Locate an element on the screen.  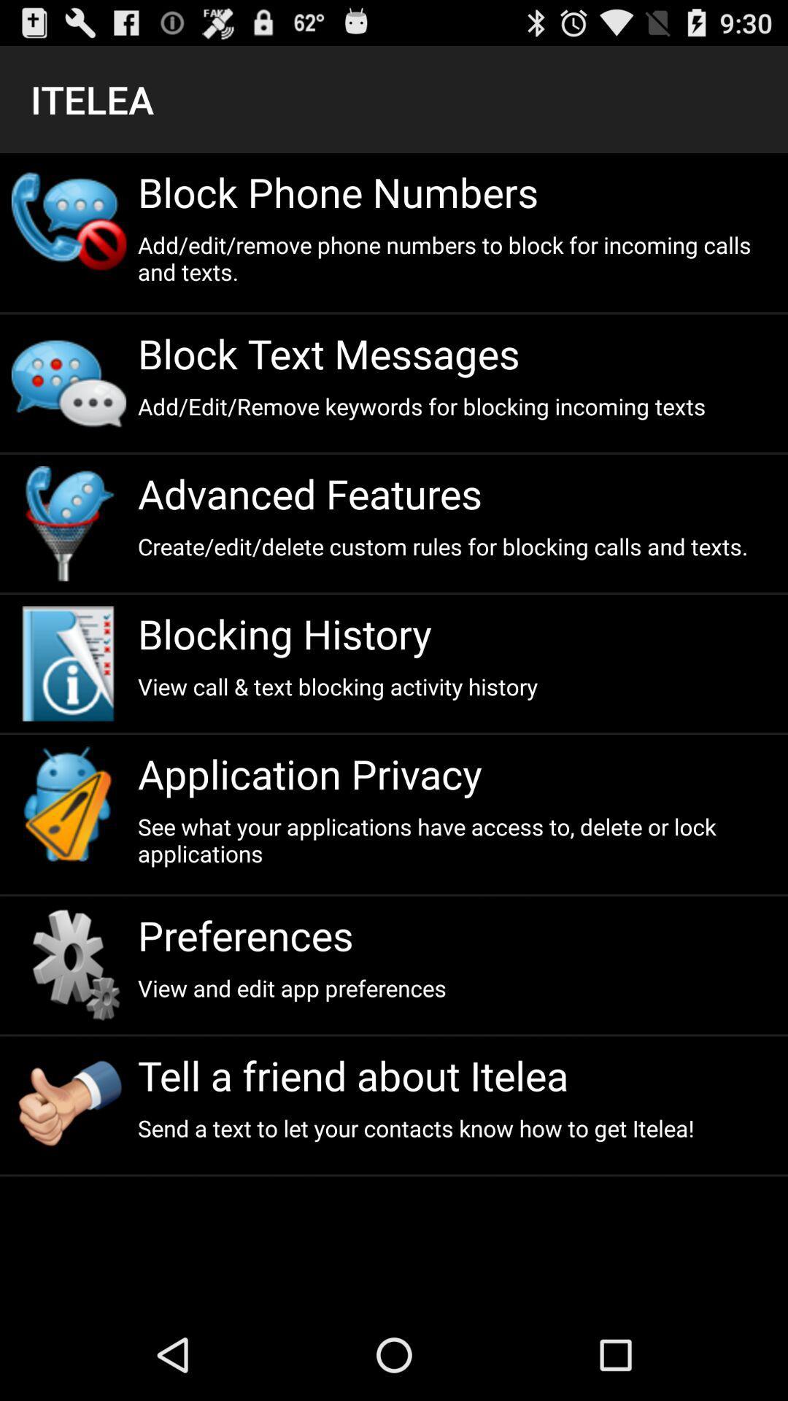
the block text messages item is located at coordinates (456, 353).